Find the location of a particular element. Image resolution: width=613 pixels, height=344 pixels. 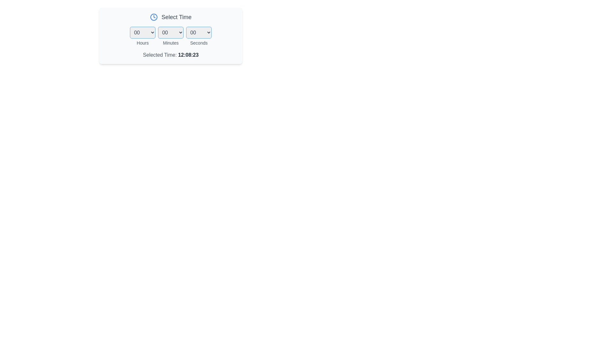

the dropdown menu labeled 'Seconds' with a blue border is located at coordinates (199, 36).